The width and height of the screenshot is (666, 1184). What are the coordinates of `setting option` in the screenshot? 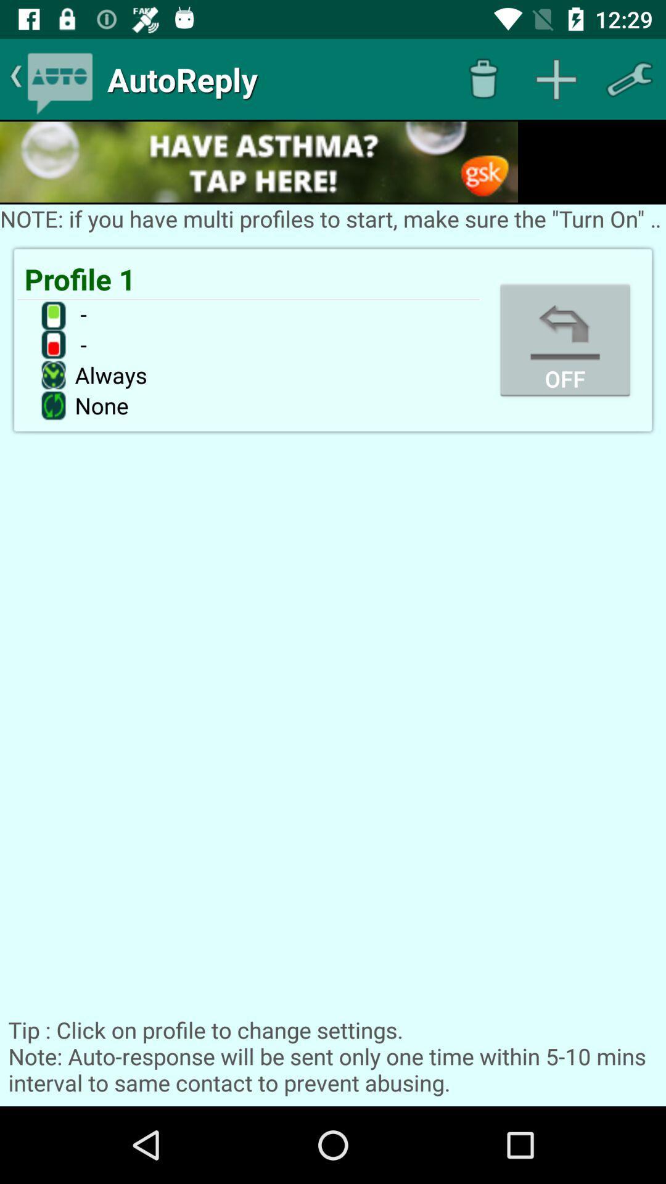 It's located at (629, 78).